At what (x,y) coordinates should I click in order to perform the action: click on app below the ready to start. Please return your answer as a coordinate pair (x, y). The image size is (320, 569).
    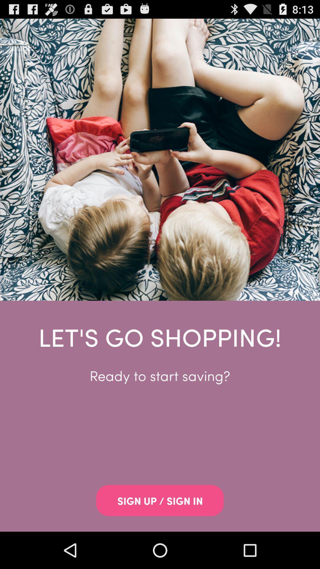
    Looking at the image, I should click on (160, 500).